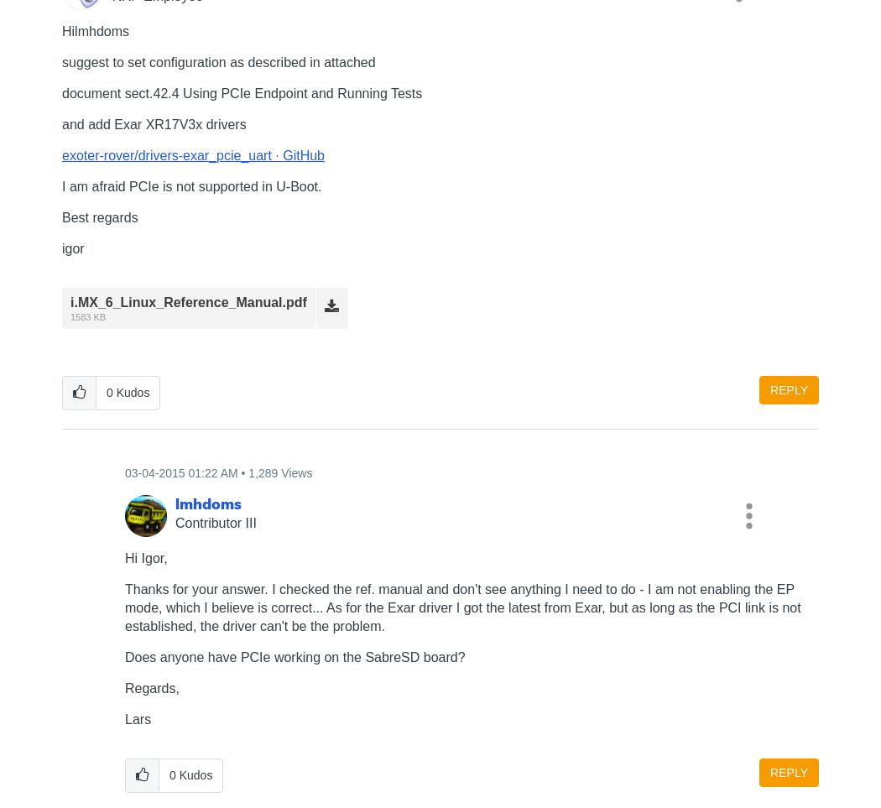 This screenshot has height=808, width=881. Describe the element at coordinates (123, 718) in the screenshot. I see `'Lars'` at that location.